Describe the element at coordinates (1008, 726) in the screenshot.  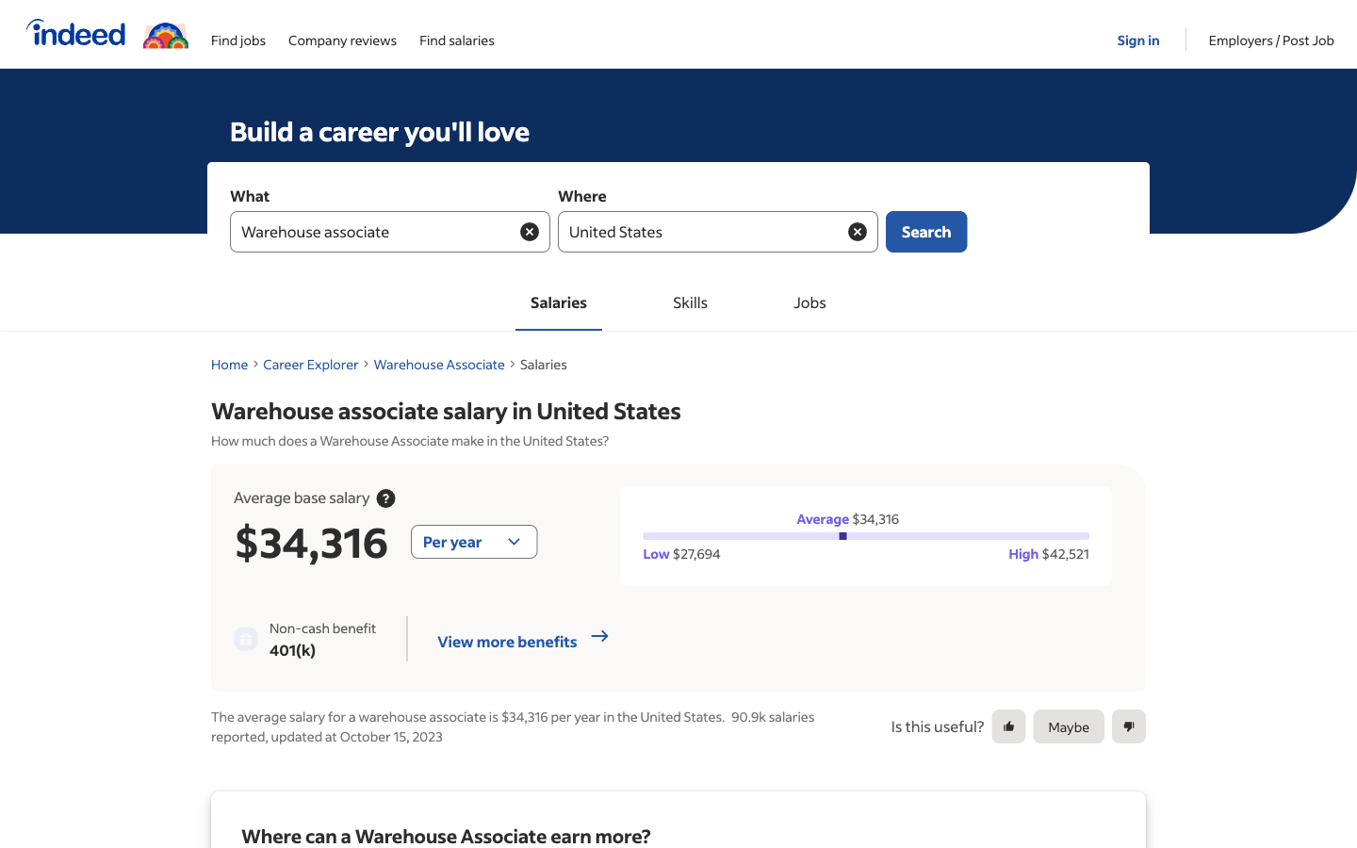
I see `Give positive feedback to recommendation` at that location.